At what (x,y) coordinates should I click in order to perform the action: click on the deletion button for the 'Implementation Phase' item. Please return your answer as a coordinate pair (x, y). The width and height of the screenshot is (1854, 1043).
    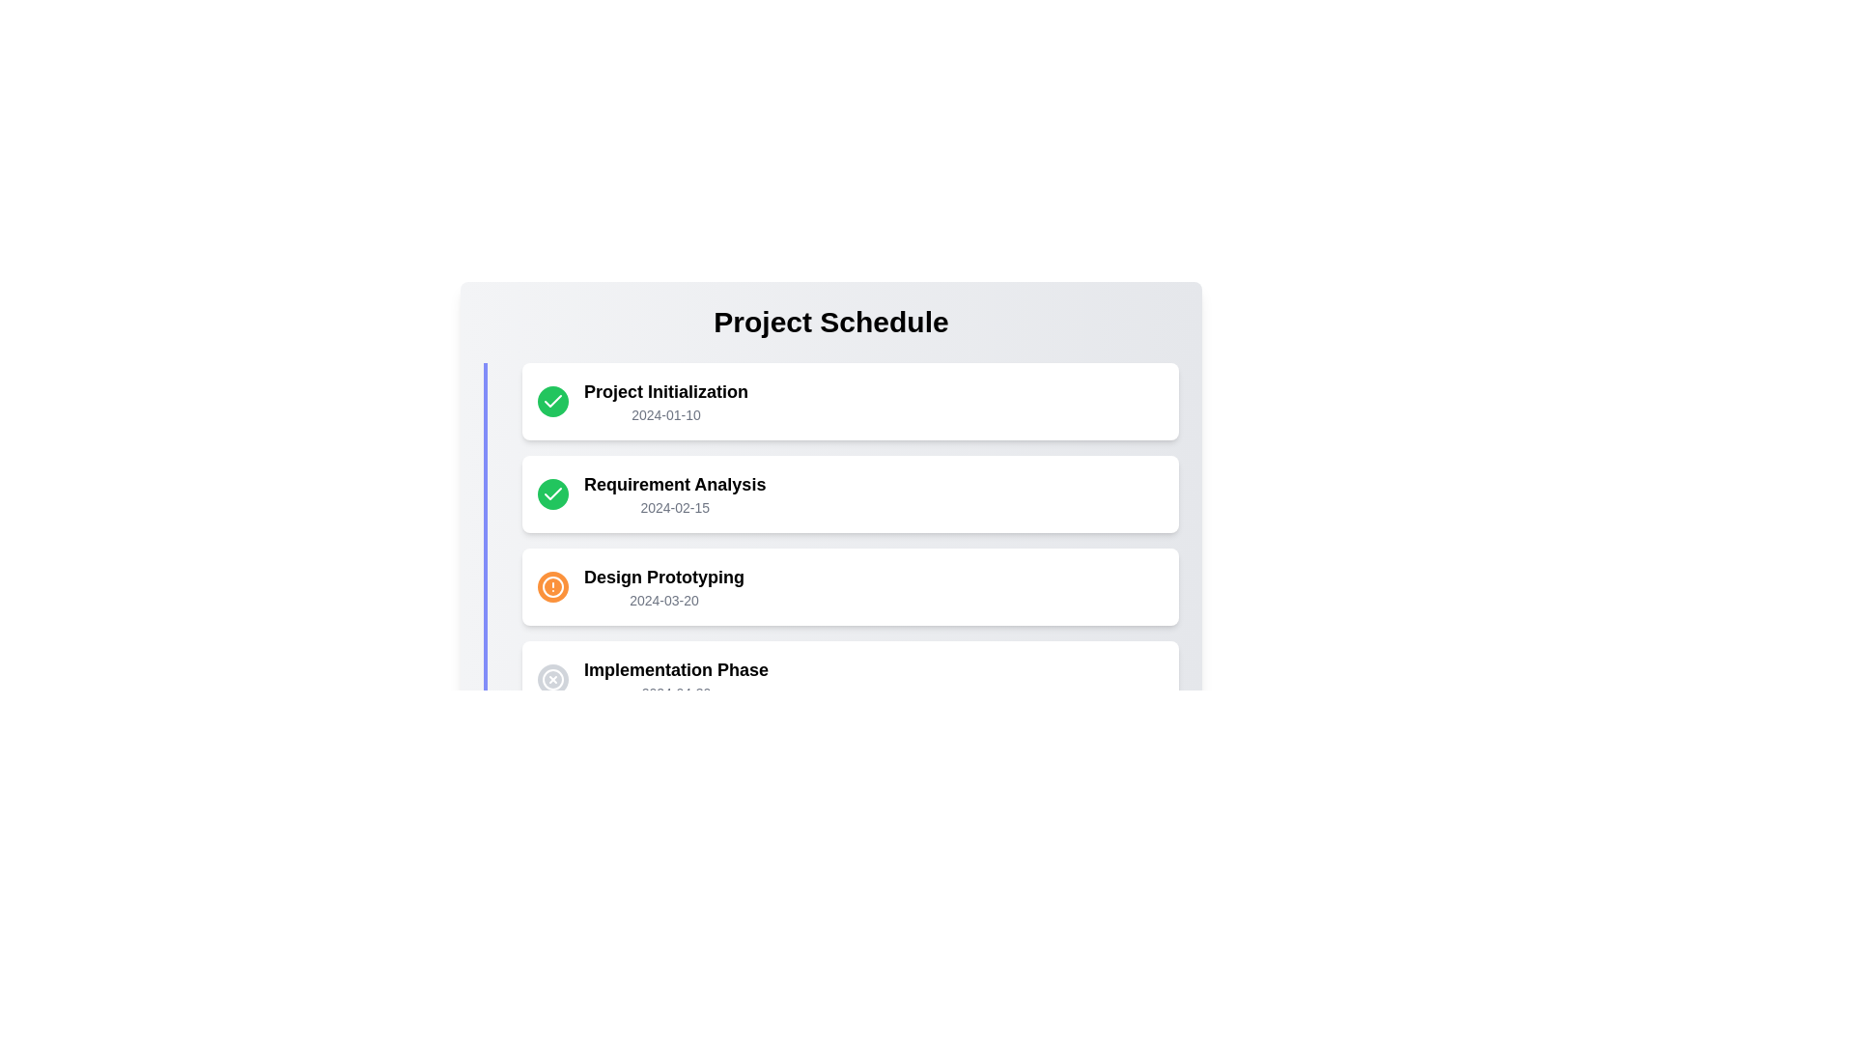
    Looking at the image, I should click on (551, 679).